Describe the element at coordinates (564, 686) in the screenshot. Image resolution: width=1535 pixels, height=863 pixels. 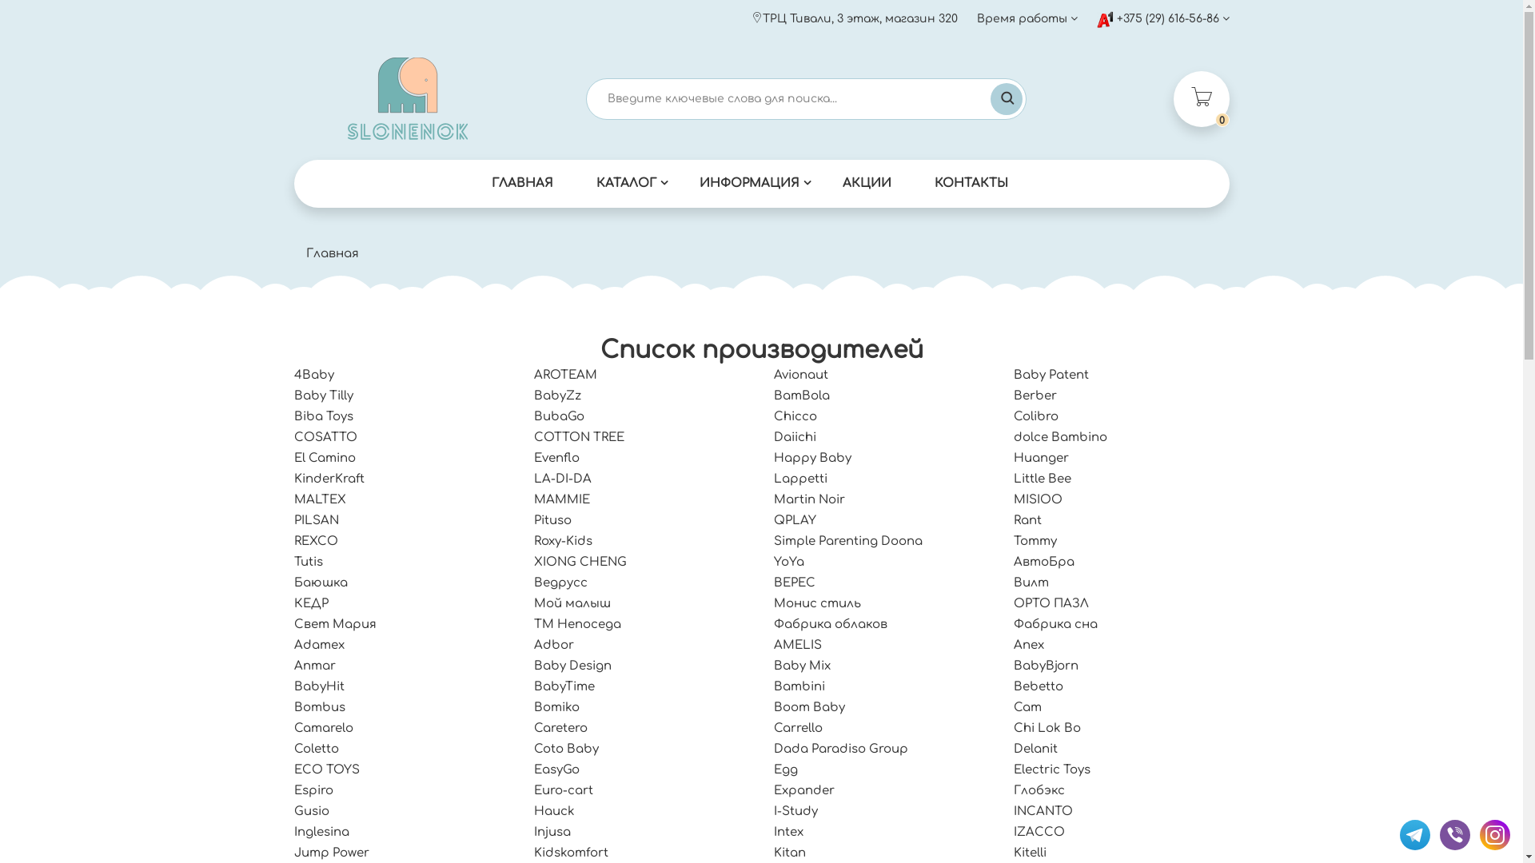
I see `'BabyTime'` at that location.